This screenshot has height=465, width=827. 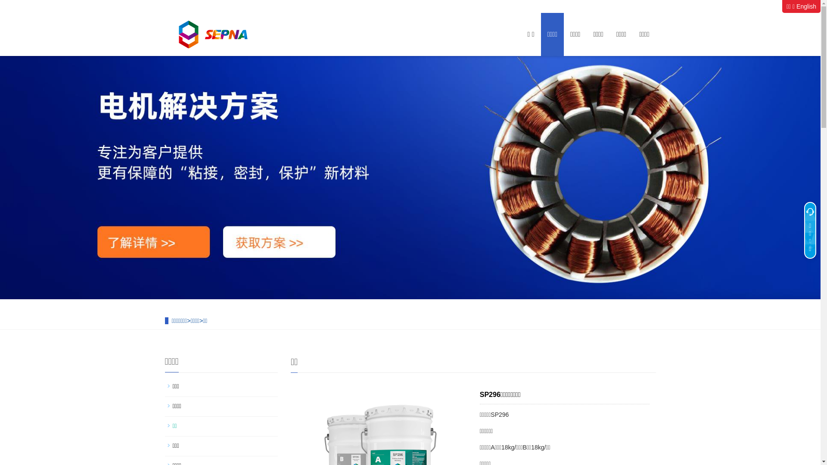 I want to click on 'English', so click(x=806, y=6).